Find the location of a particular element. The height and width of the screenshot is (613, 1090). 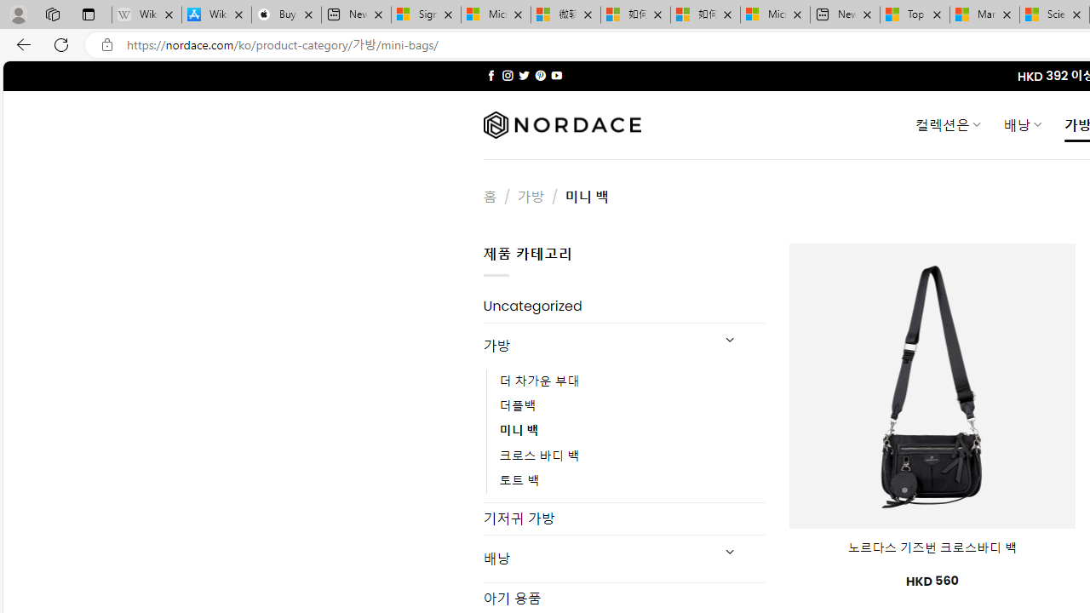

'Follow on Twitter' is located at coordinates (523, 75).